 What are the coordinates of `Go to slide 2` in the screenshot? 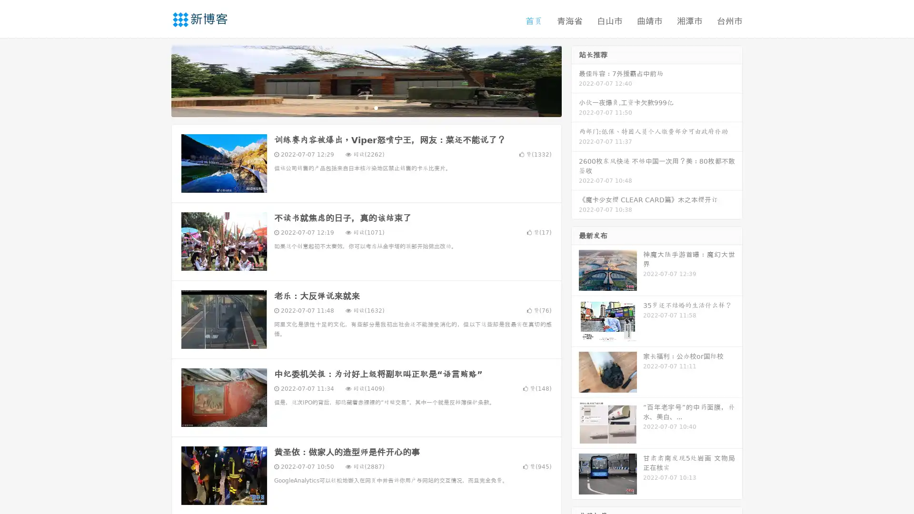 It's located at (366, 107).